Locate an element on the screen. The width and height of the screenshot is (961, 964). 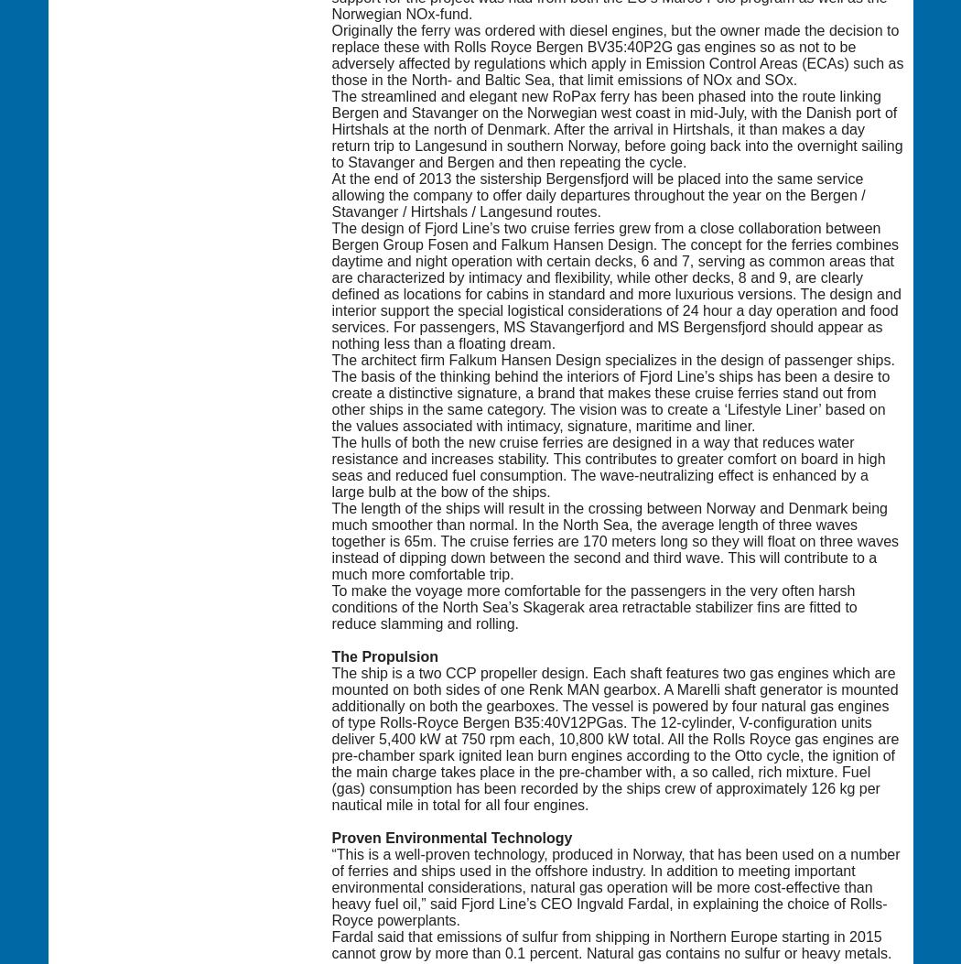
'The ship is a two CCP propeller design. Each shaft features two gas engines which are mounted on both sides of one Renk MAN gearbox. A Marelli shaft generator is mounted additionally on both the gearboxes. The vessel is powered by four natural gas engines of type Rolls-Royce Bergen B35:40V12PGas. The 12-cylinder, V-configuration units deliver 5,400 kW at 750 rpm each, 10,800 kW total. All the Rolls Royce gas engines are pre-chamber spark ignited lean burn engines according to the Otto cycle, the ignition of the main charge takes place in the pre-chamber with, a so called, rich mixture. Fuel (gas) consumption has been recorded by the ships crew of approximately 126 kg per nautical mile in total for all four engines.' is located at coordinates (614, 738).